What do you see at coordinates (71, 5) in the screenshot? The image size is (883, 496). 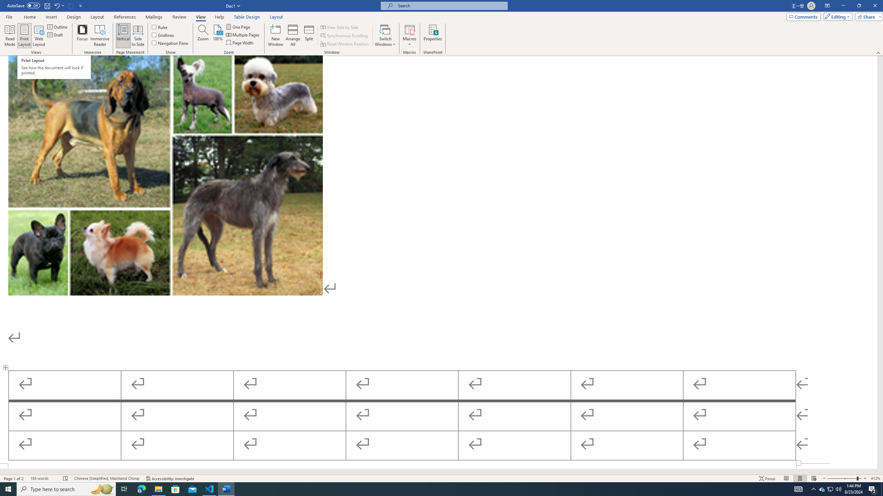 I see `'Can'` at bounding box center [71, 5].